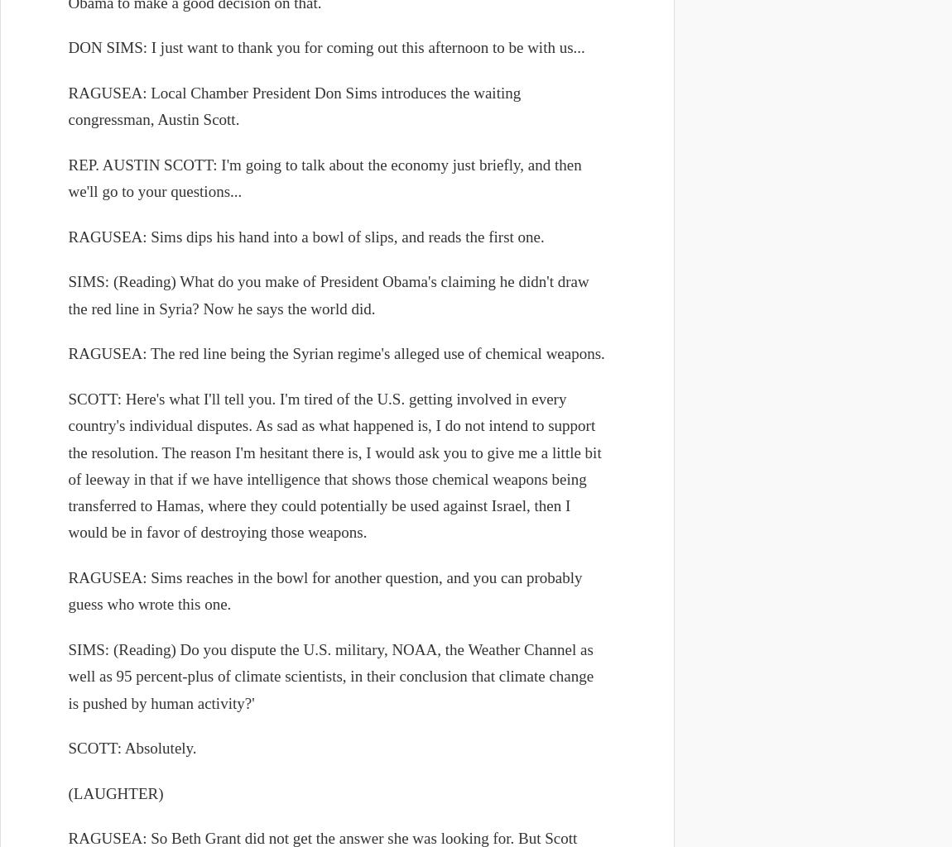  What do you see at coordinates (66, 236) in the screenshot?
I see `'RAGUSEA: Sims dips his hand into a bowl of slips, and reads the first one.'` at bounding box center [66, 236].